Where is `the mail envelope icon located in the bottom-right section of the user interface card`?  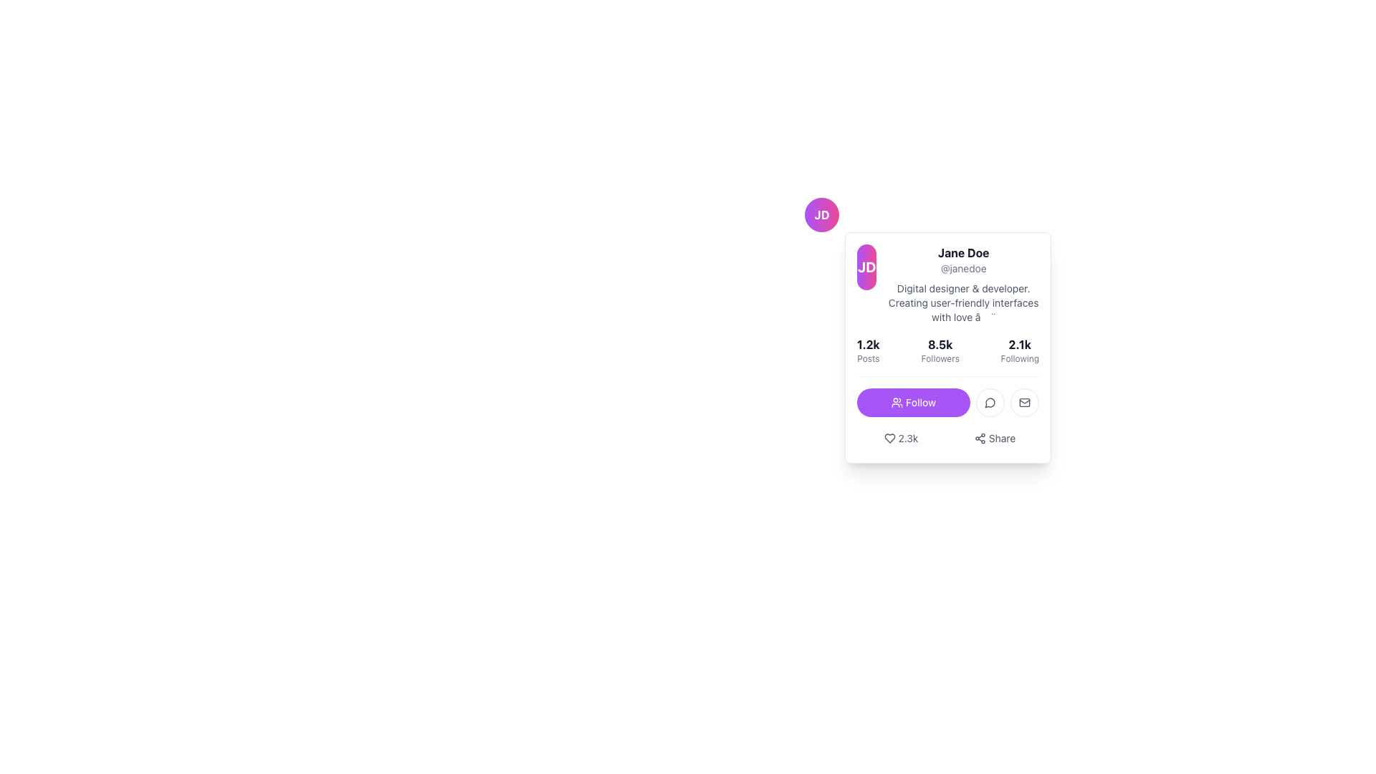
the mail envelope icon located in the bottom-right section of the user interface card is located at coordinates (1024, 403).